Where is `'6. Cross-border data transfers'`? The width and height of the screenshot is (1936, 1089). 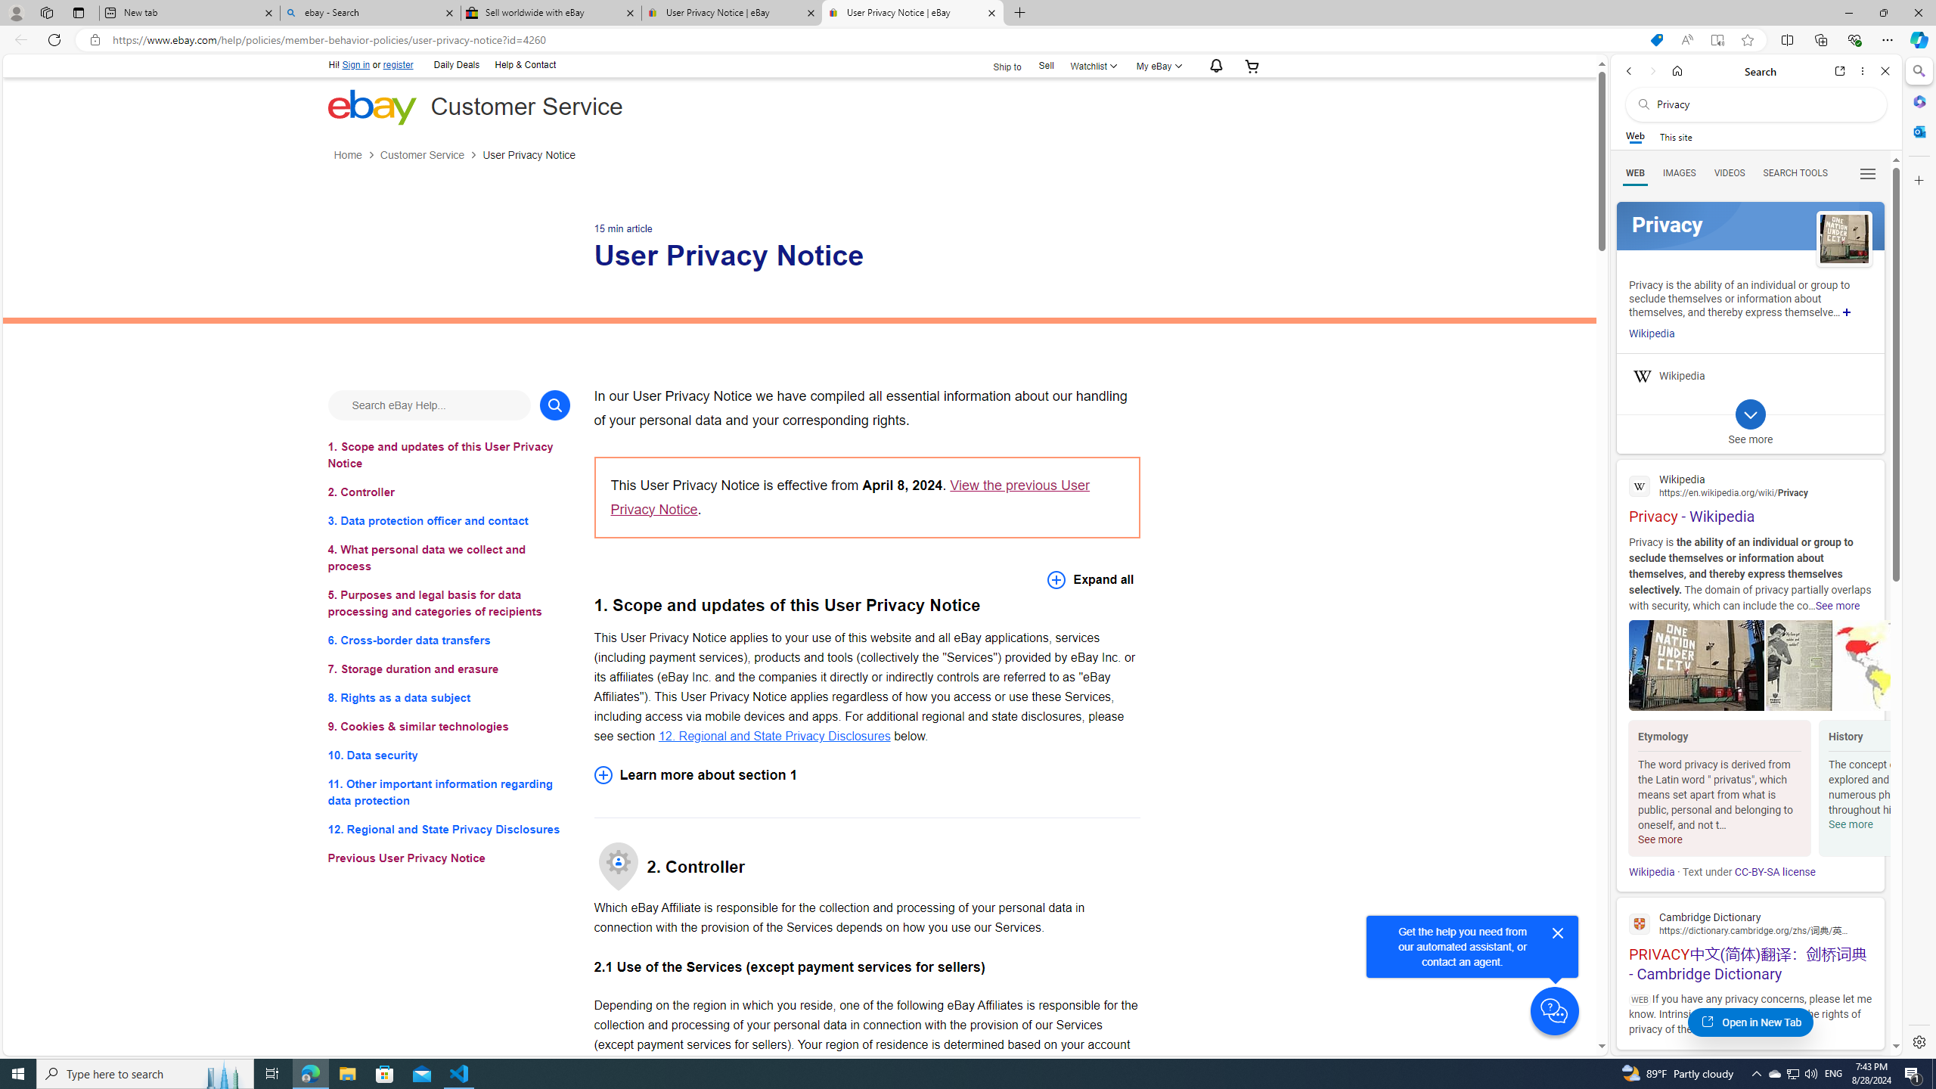
'6. Cross-border data transfers' is located at coordinates (448, 640).